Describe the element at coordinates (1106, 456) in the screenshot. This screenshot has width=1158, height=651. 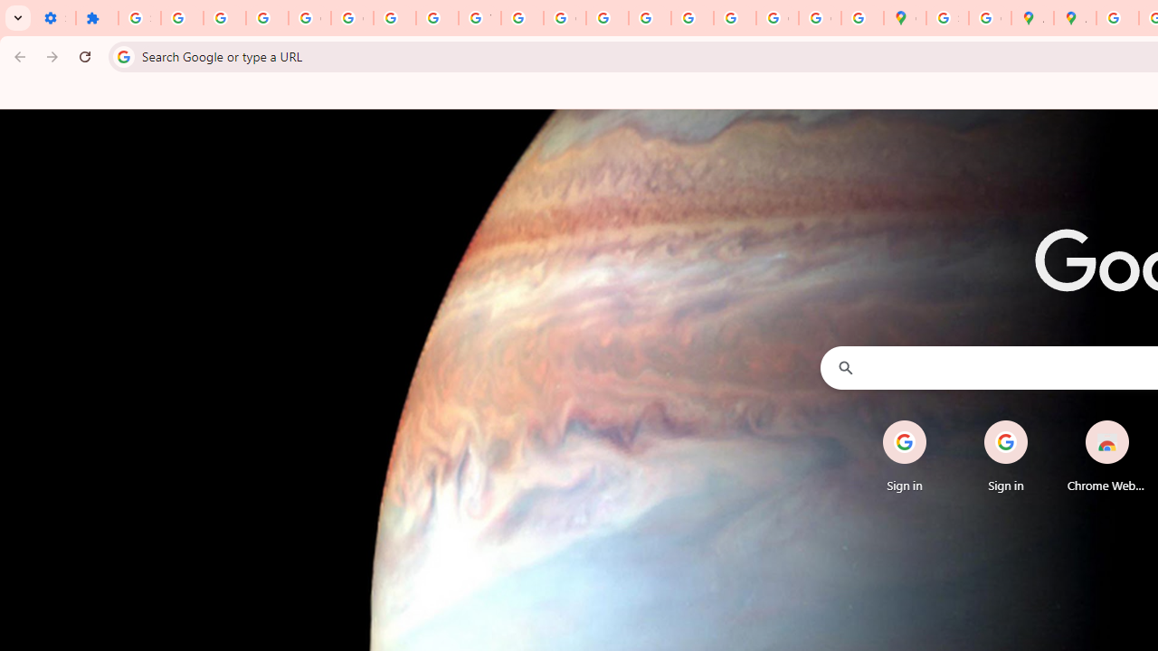
I see `'Chrome Web Store'` at that location.